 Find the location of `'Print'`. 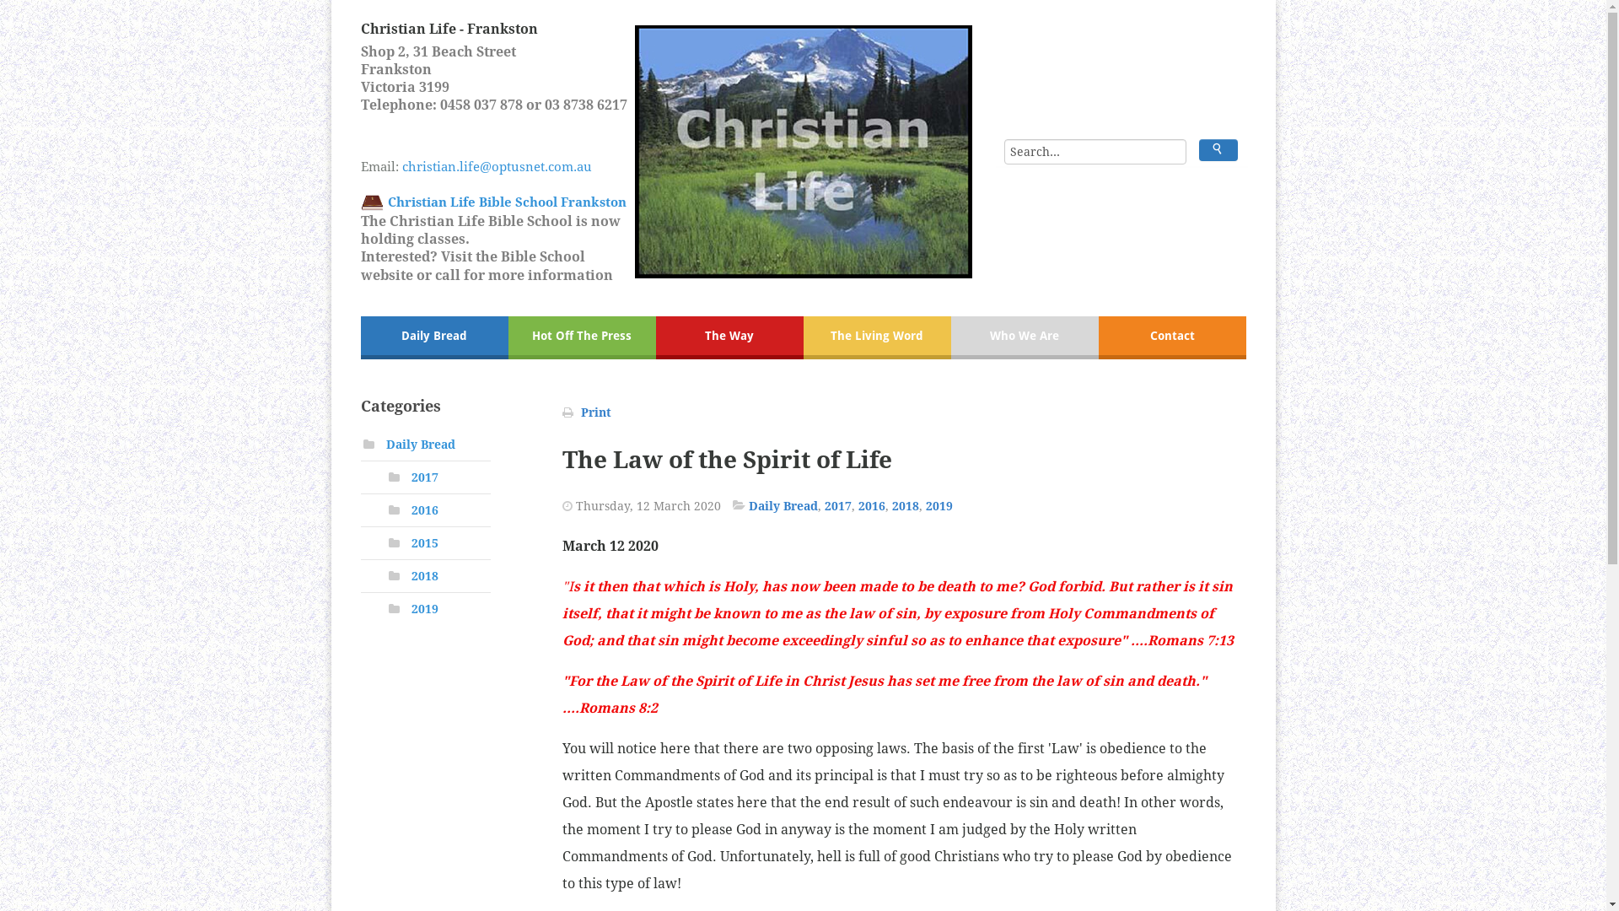

'Print' is located at coordinates (594, 412).